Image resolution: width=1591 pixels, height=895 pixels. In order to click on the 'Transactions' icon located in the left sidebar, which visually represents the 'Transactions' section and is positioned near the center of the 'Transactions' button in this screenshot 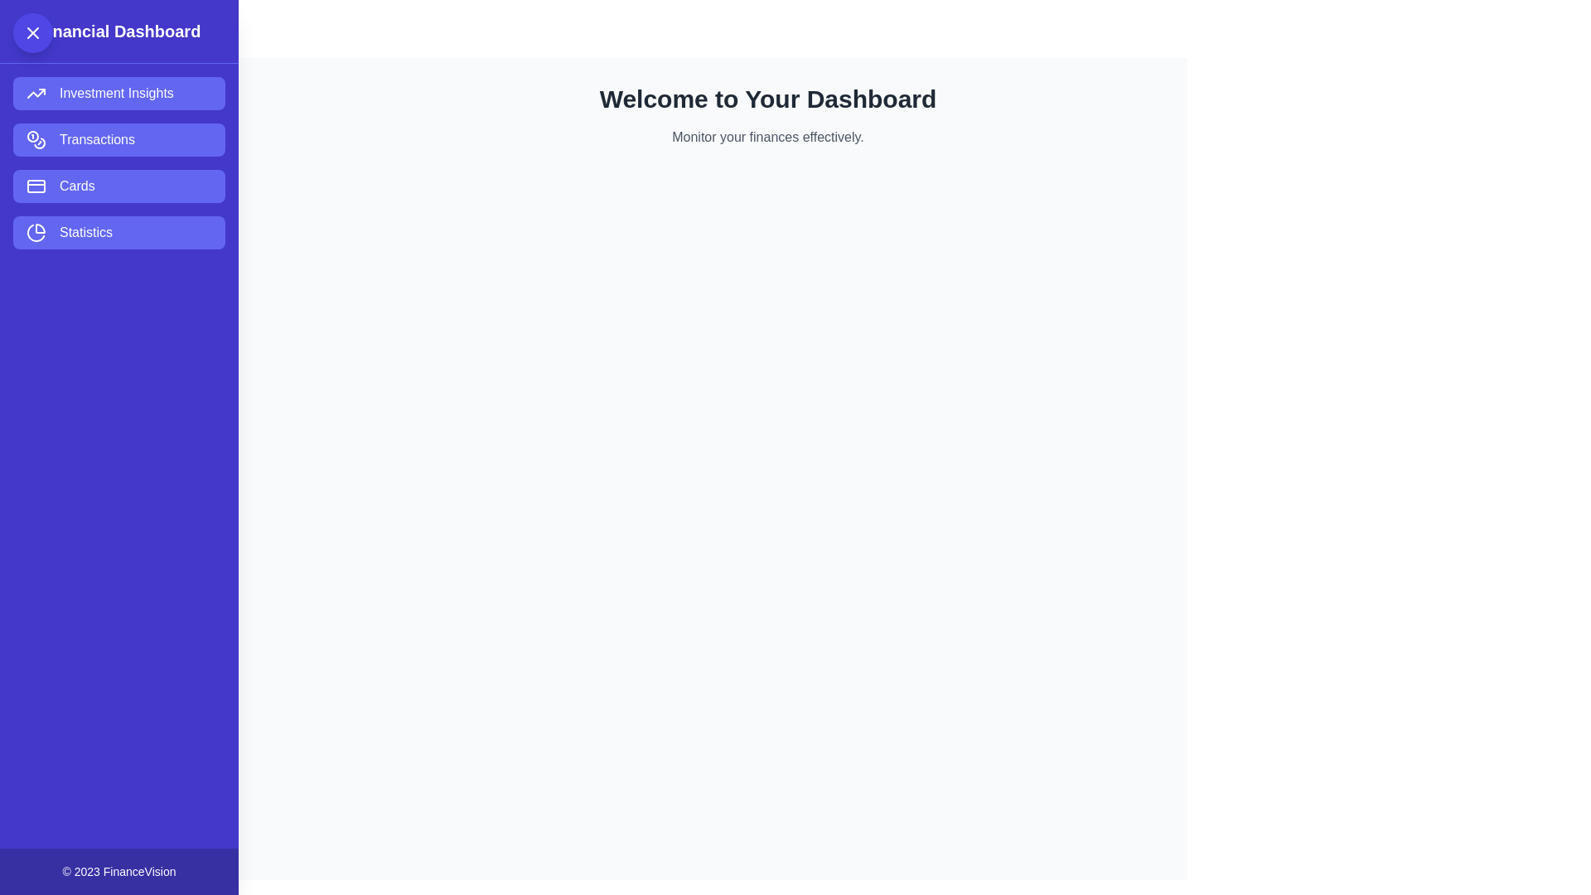, I will do `click(36, 139)`.